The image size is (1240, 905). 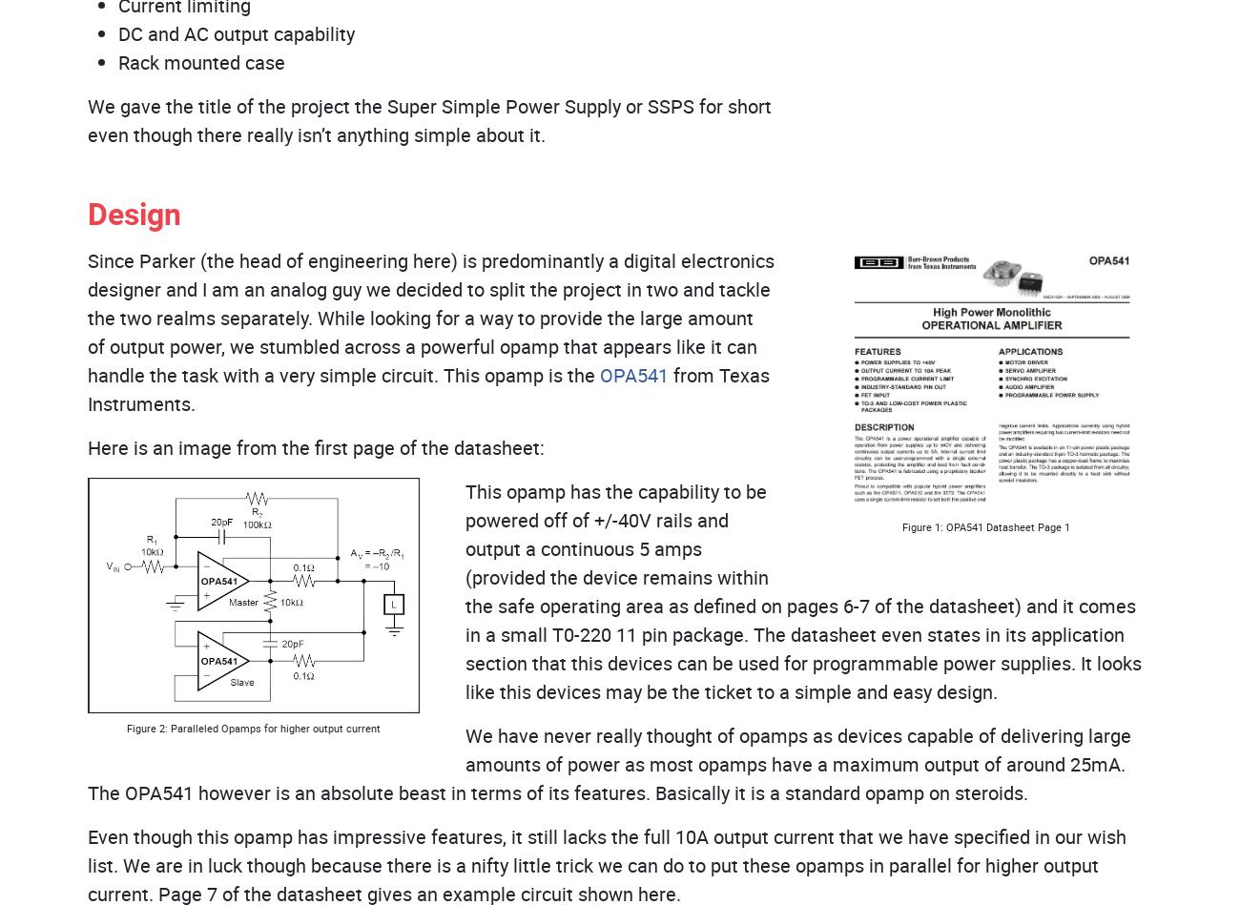 I want to click on 'Super Simple Power Supply “SSPS” Design (Part 3)', so click(x=791, y=83).